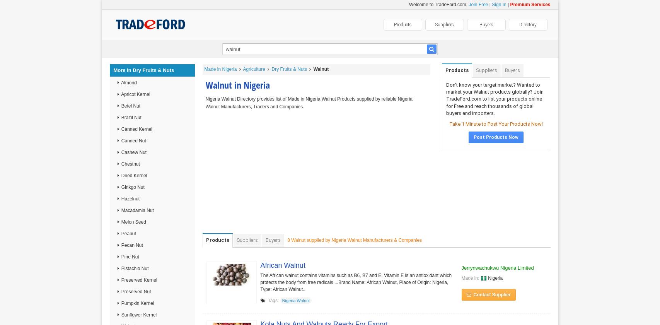 The height and width of the screenshot is (325, 660). What do you see at coordinates (530, 5) in the screenshot?
I see `'Premium Services'` at bounding box center [530, 5].